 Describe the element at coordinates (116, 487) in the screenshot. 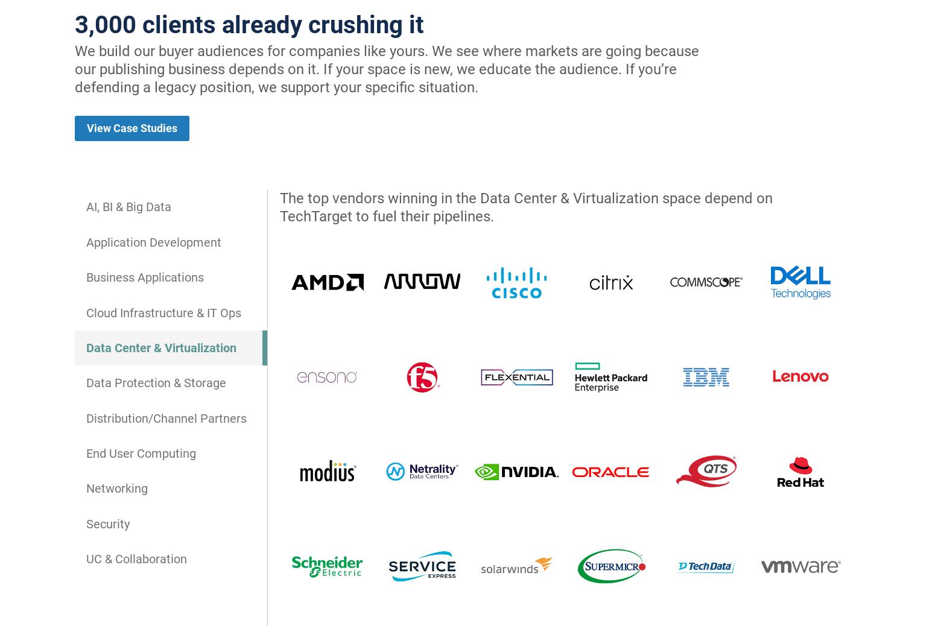

I see `'Networking'` at that location.